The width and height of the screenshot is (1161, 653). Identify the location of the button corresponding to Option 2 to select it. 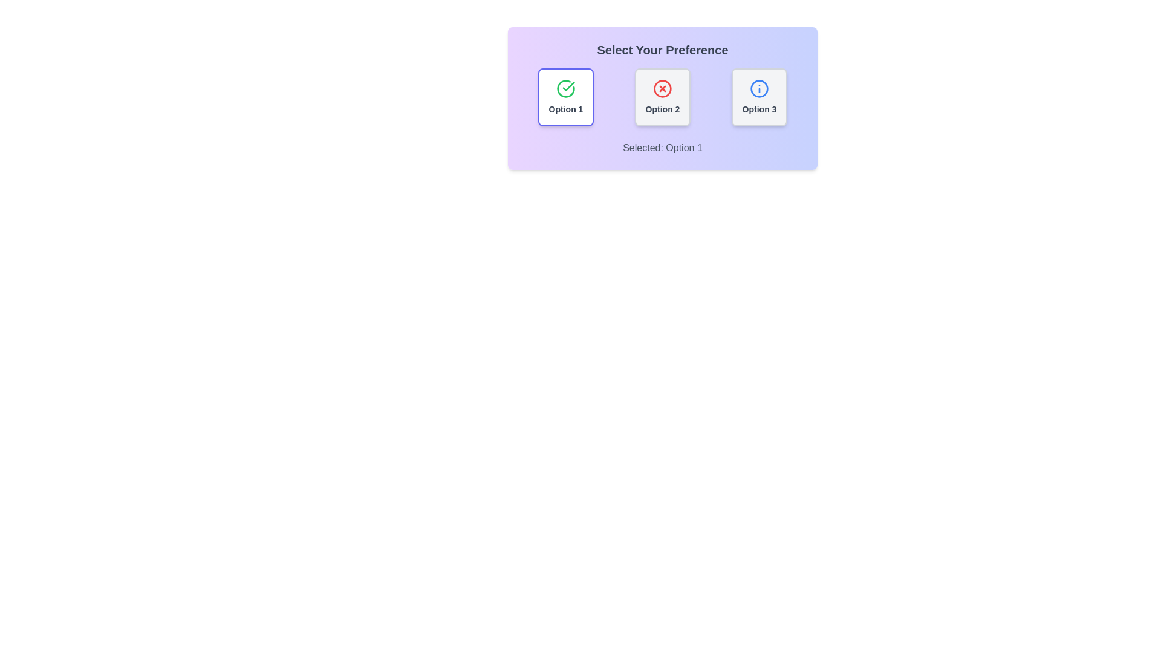
(662, 97).